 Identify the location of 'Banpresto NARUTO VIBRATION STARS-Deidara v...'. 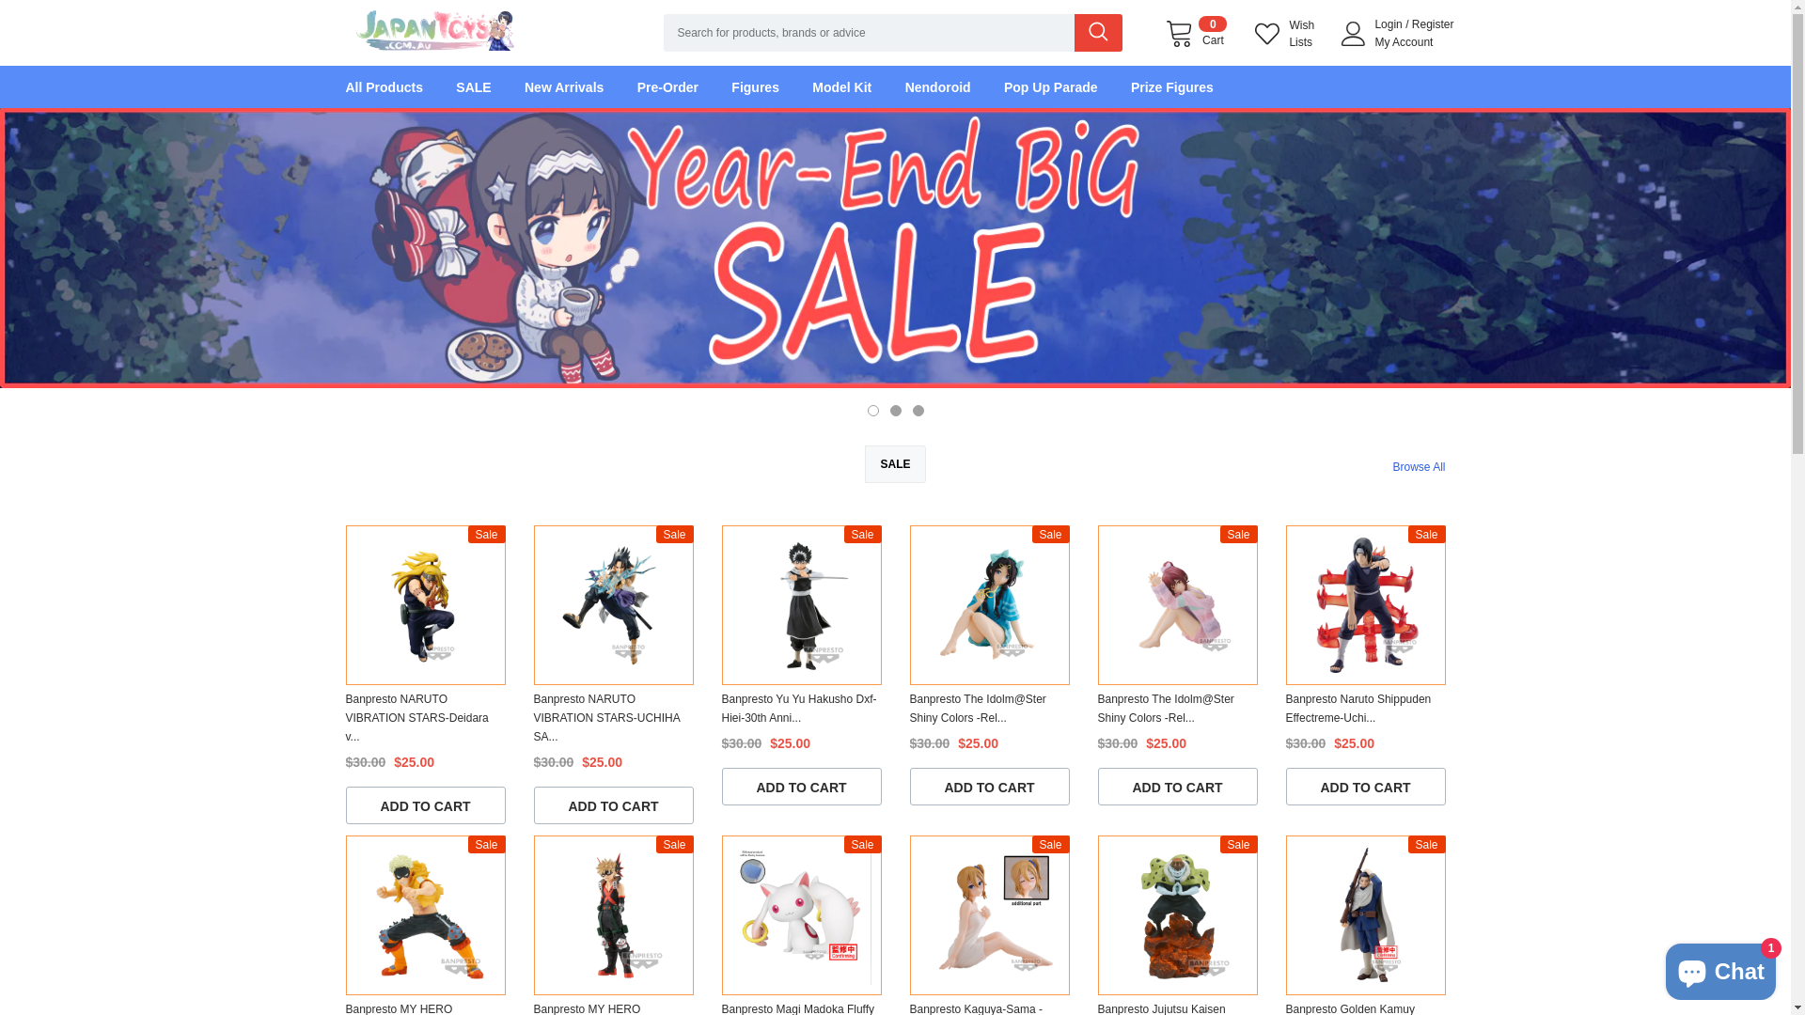
(424, 717).